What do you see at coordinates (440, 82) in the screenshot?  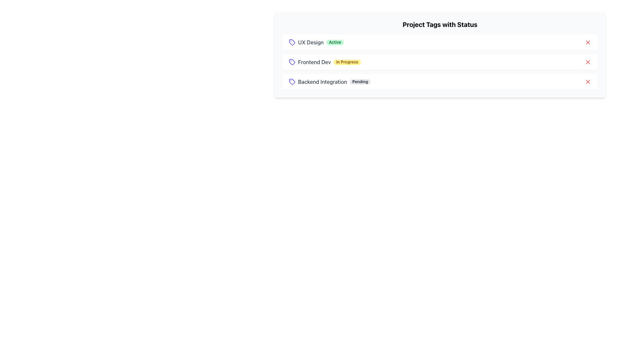 I see `the 'Backend Integration' status item in the project status list to modify or view its details` at bounding box center [440, 82].